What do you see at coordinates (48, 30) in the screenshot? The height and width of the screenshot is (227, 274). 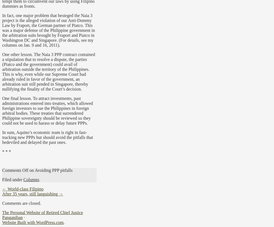 I see `'In fact, one major problem that besieged the Naia 3 project is the alleged violation of our Anti-Dummy Law by Fraport, the German partner of Piatco. This was a major defense of the Philippine government in the arbitration suits brought by Fraport and Piatco in Washington DC and Singapore. (For details, see my columns on Jan. 9 and 16, 2011).'` at bounding box center [48, 30].